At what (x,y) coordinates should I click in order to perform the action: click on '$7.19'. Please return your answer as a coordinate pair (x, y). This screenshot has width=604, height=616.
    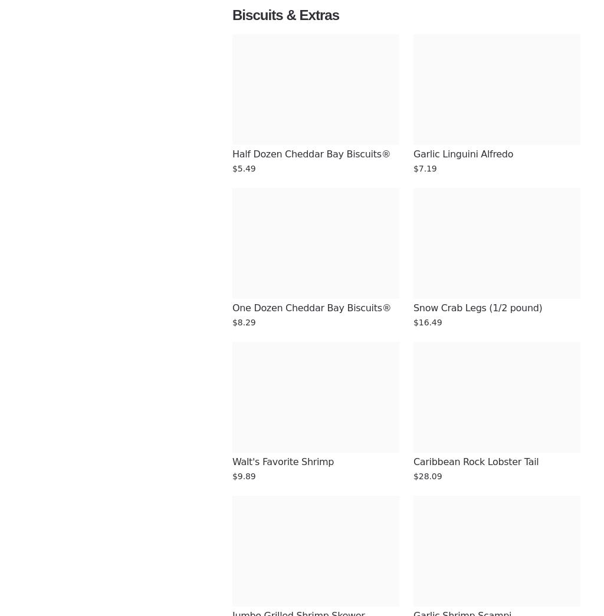
    Looking at the image, I should click on (425, 168).